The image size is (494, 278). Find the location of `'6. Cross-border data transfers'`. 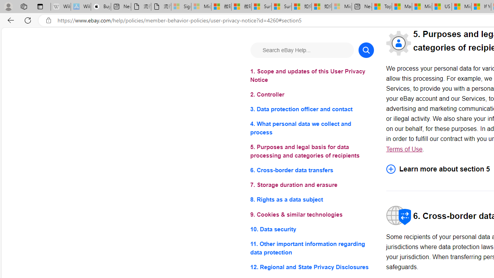

'6. Cross-border data transfers' is located at coordinates (312, 170).